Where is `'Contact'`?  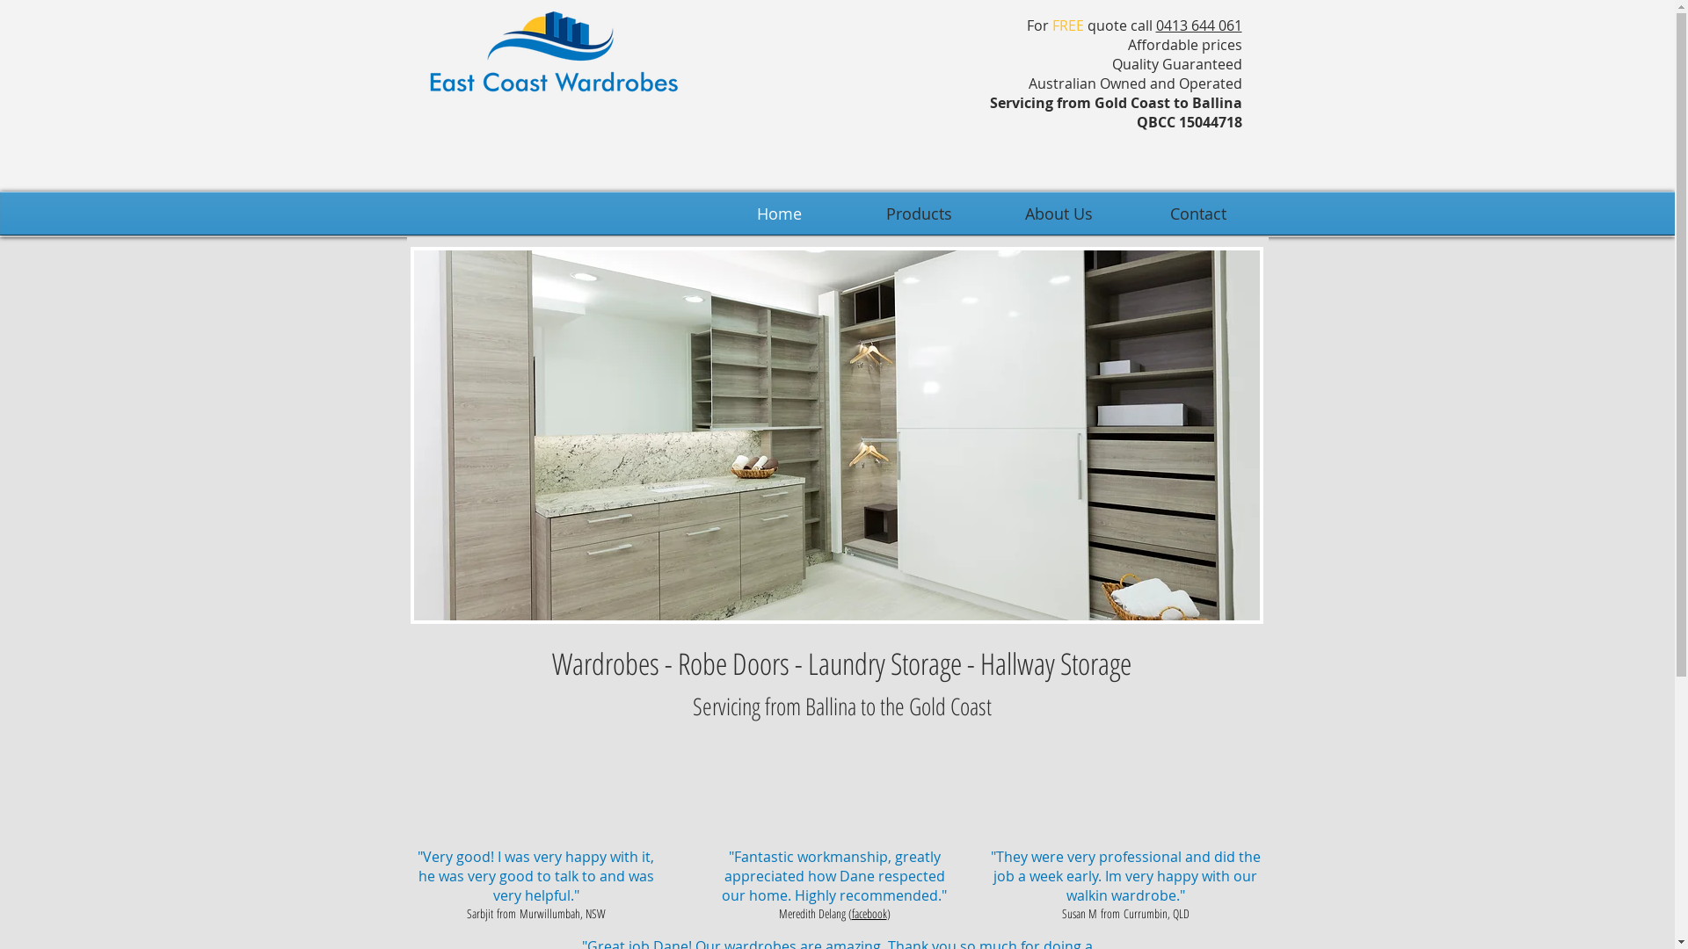
'Contact' is located at coordinates (1197, 213).